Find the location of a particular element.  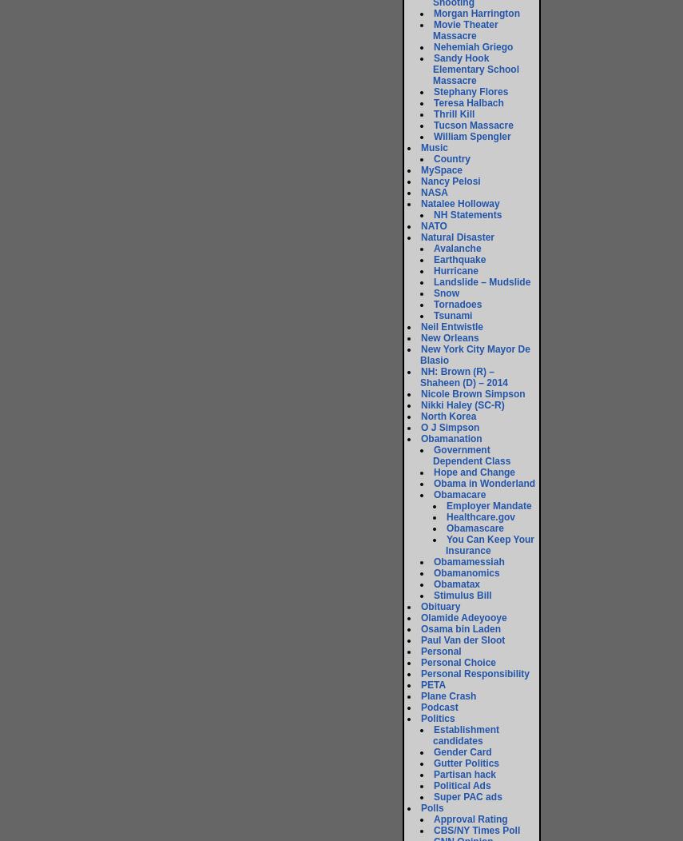

'Country' is located at coordinates (434, 159).